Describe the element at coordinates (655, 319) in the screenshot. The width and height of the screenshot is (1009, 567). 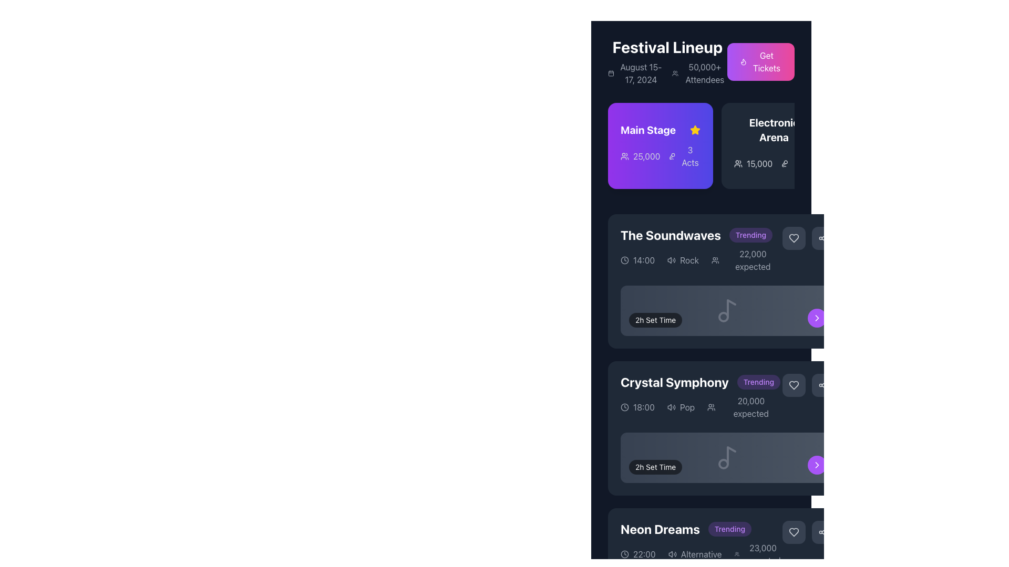
I see `the Text Label displaying the duration of the performance, which indicates '2h'` at that location.